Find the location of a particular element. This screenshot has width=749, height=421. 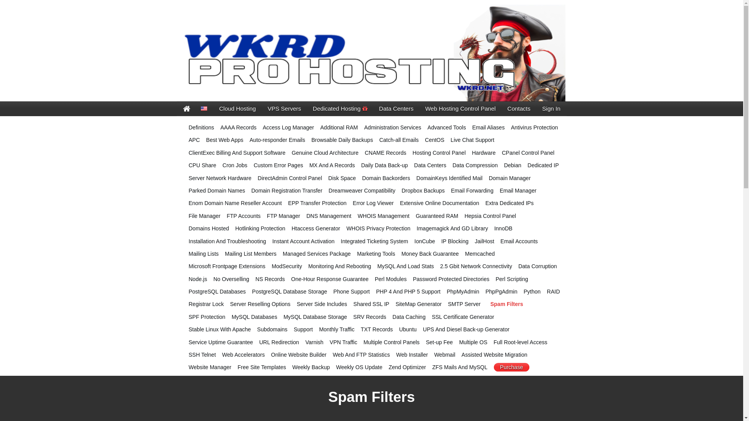

'PhpPgAdmin' is located at coordinates (485, 292).